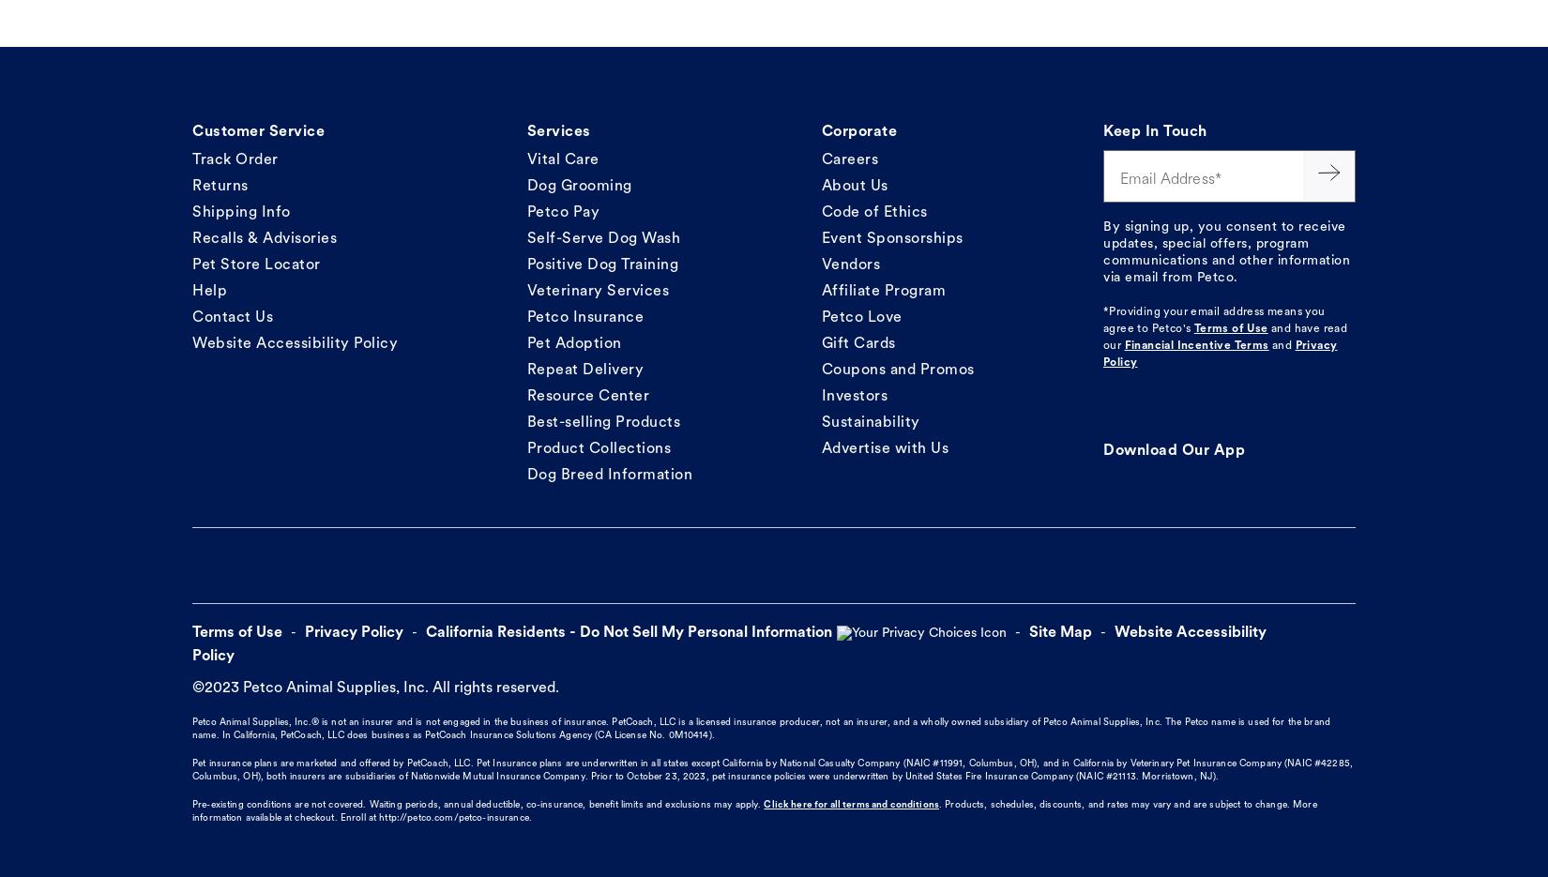 This screenshot has height=877, width=1548. I want to click on 'Help', so click(209, 291).